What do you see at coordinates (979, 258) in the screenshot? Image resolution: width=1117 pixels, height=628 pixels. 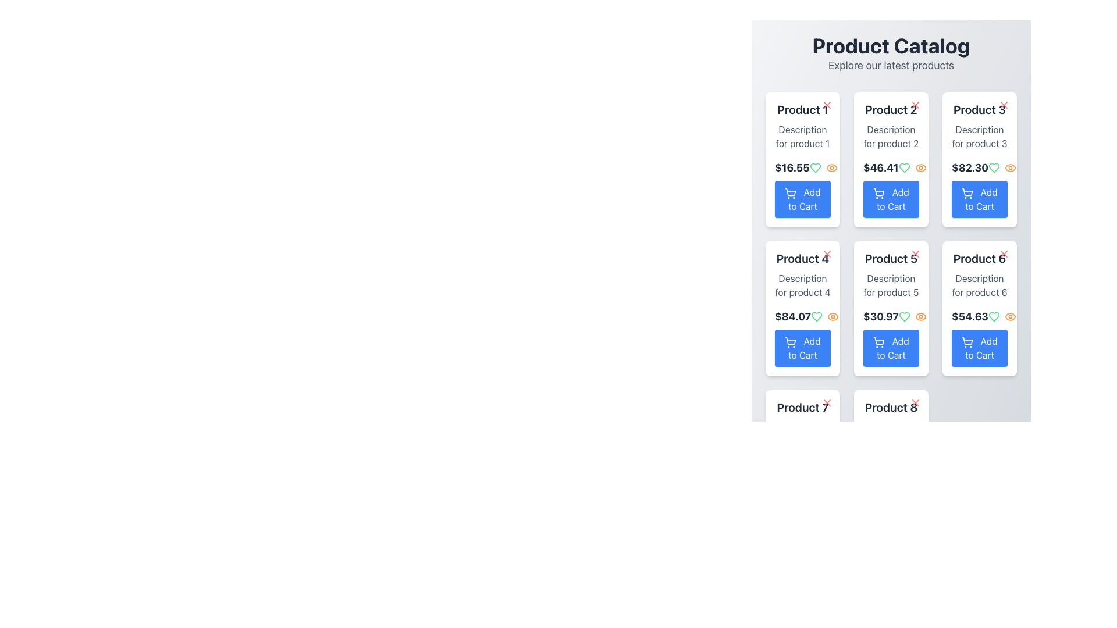 I see `the text element that reads 'Product 6', which is in bold, large font with a dark gray color, located at the top of the product information card in the rightmost column of the second row in the product grid` at bounding box center [979, 258].